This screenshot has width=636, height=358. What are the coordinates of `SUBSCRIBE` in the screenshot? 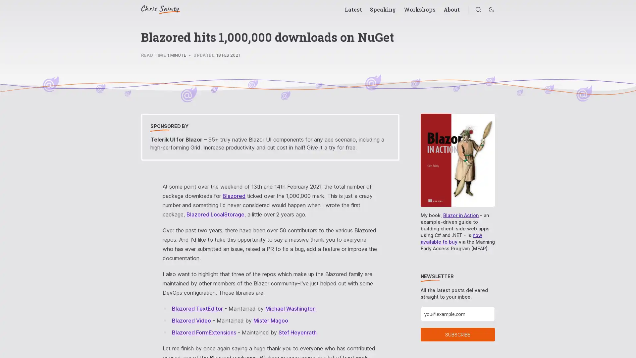 It's located at (457, 334).